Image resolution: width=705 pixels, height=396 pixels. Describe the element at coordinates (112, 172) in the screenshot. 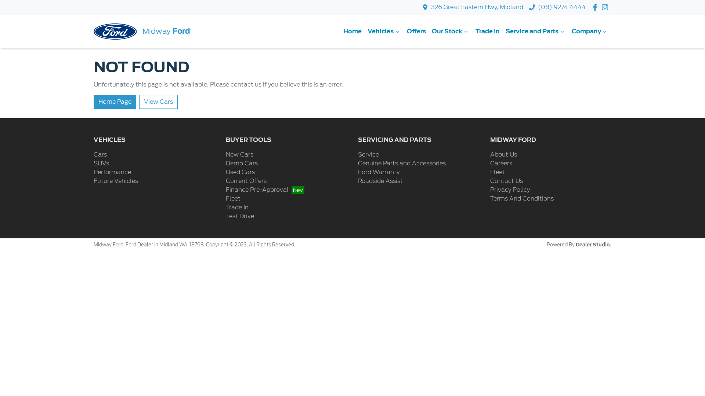

I see `'Performance'` at that location.